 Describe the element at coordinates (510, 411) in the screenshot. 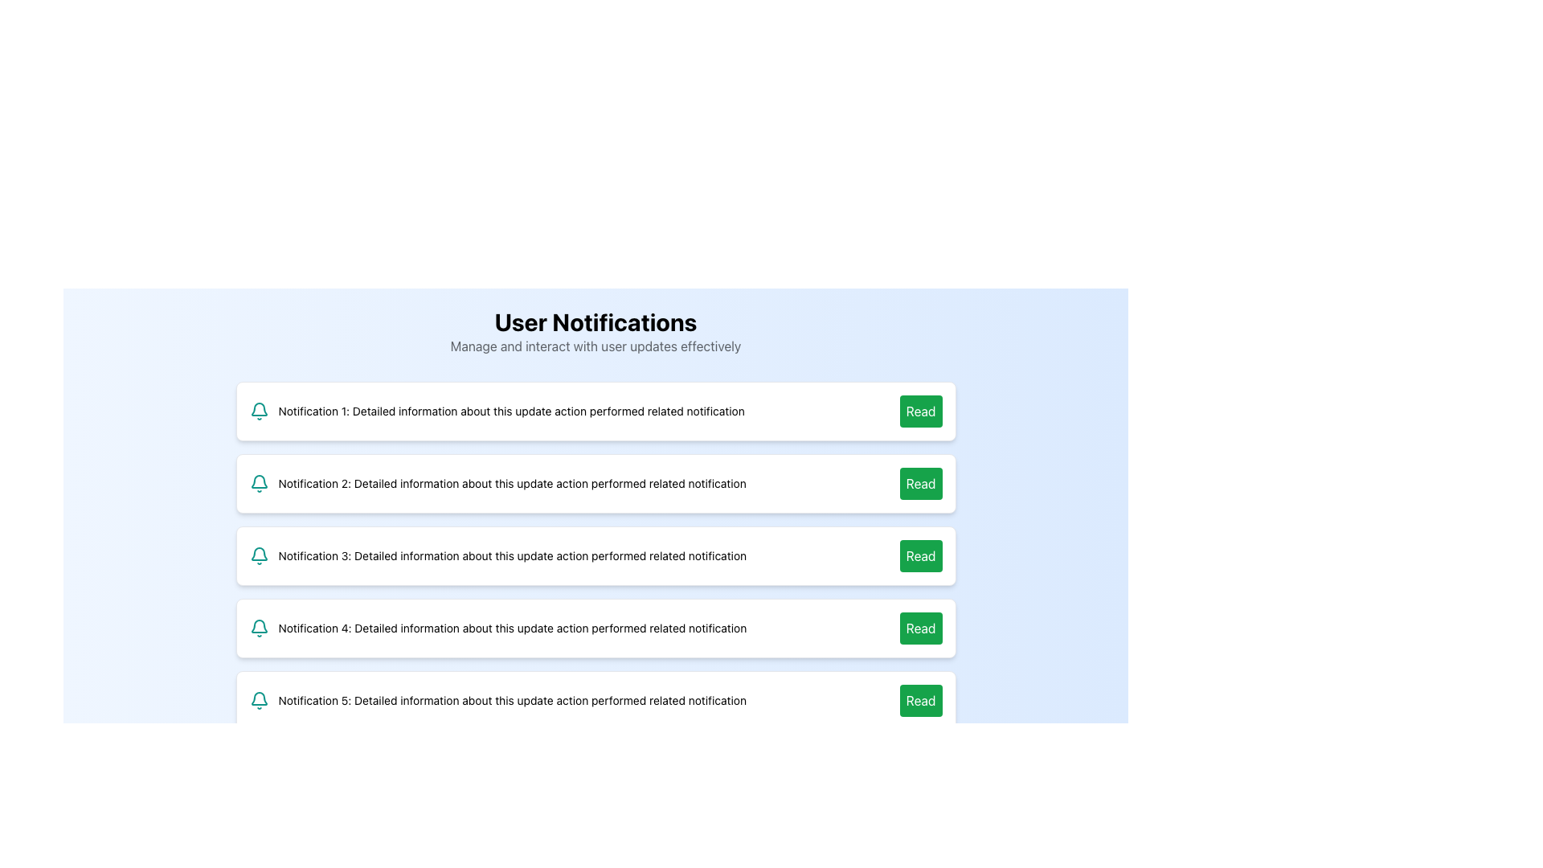

I see `text content of the first notification displayed in the text label located at the center of the topmost notification card, positioned between the bell icon and the green button` at that location.